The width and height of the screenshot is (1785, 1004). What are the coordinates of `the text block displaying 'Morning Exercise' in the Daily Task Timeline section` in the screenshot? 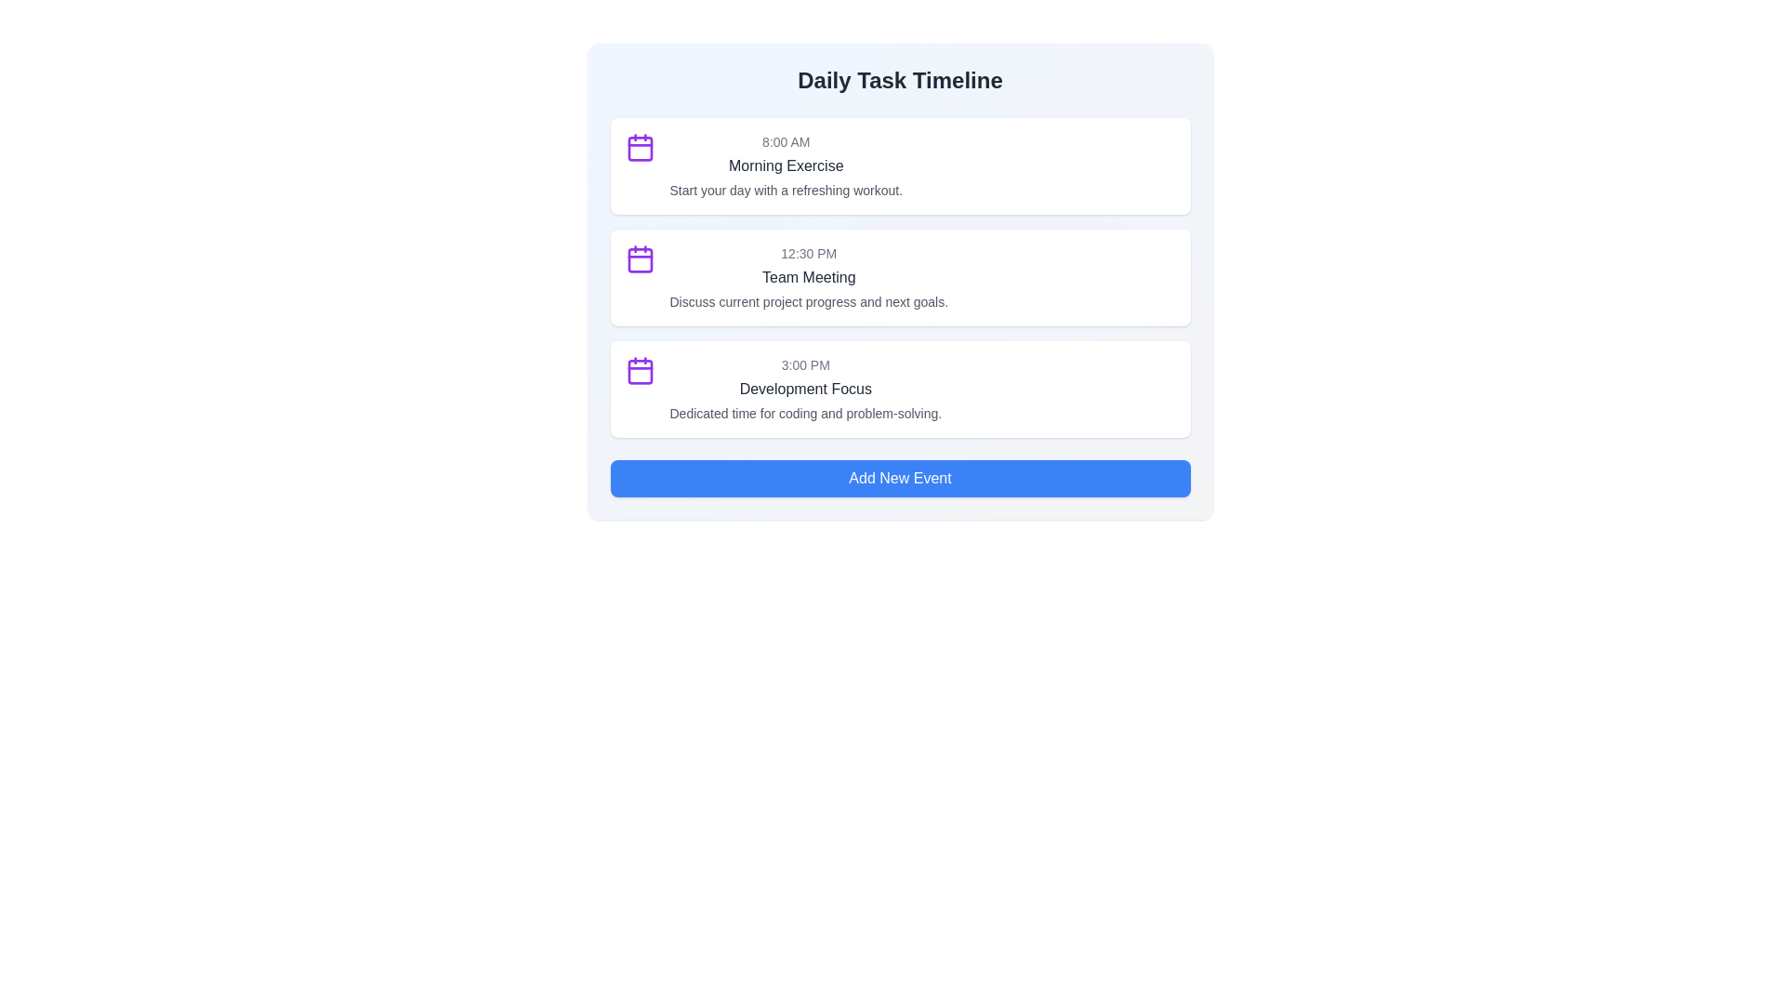 It's located at (786, 165).